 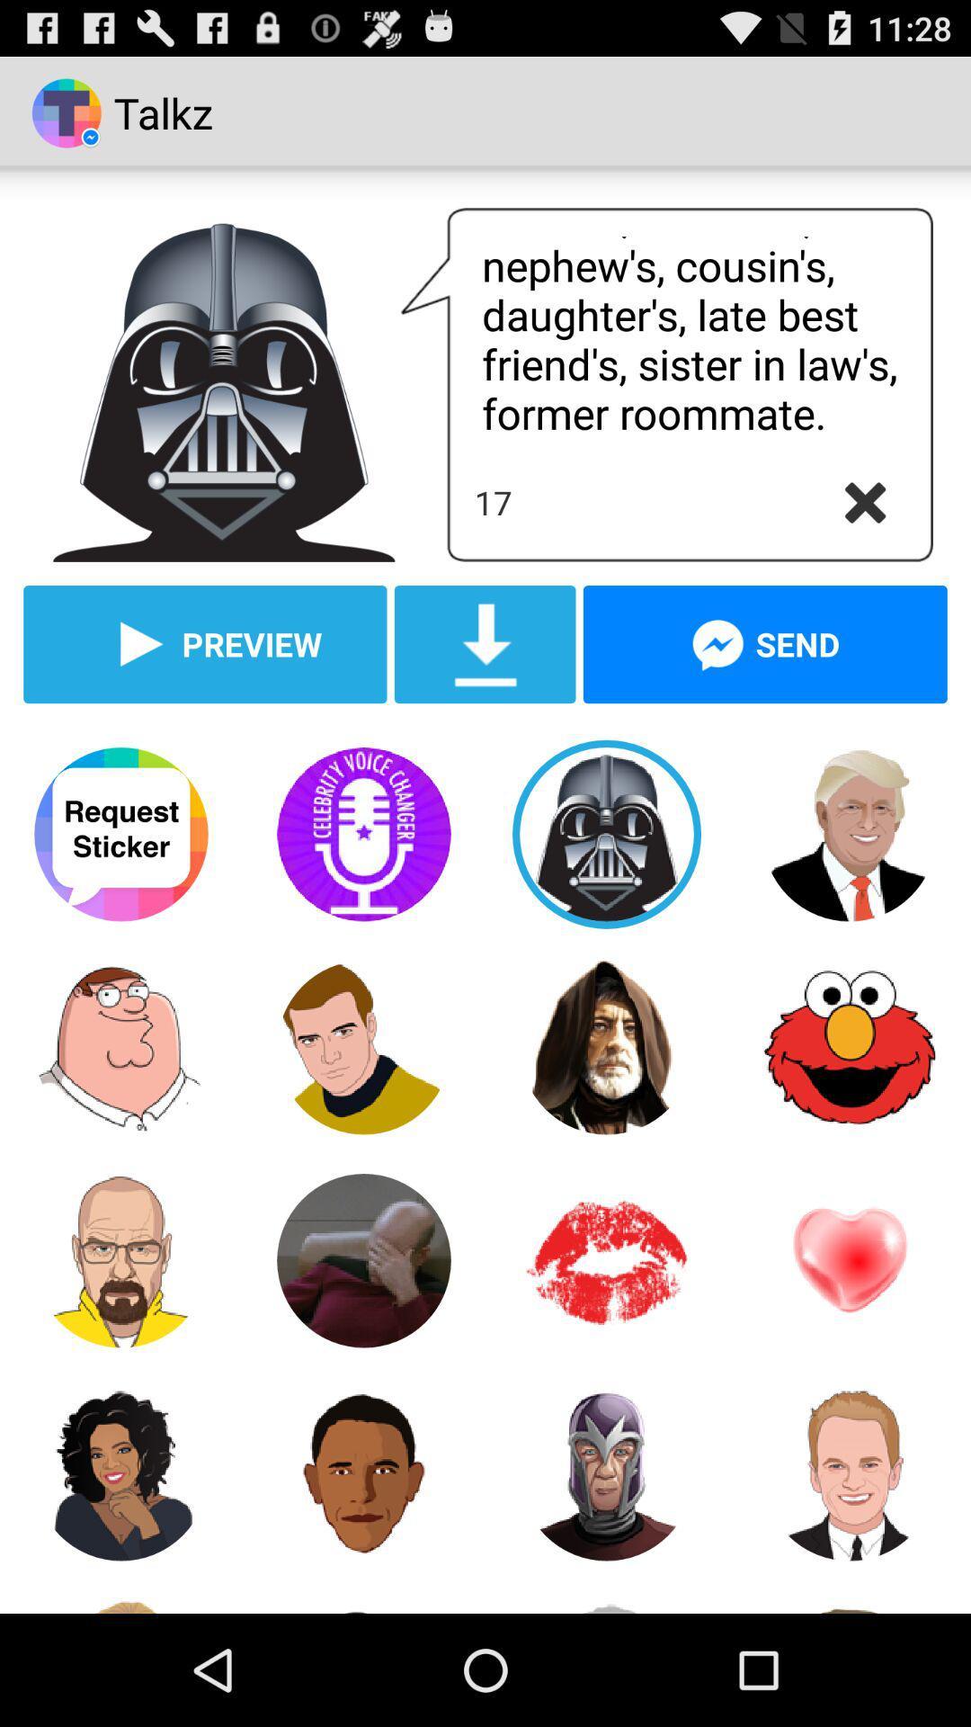 I want to click on cancel button, so click(x=864, y=503).